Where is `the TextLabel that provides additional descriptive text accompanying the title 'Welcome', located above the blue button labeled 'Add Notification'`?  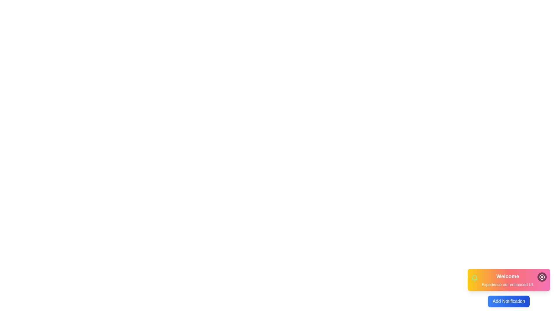
the TextLabel that provides additional descriptive text accompanying the title 'Welcome', located above the blue button labeled 'Add Notification' is located at coordinates (507, 284).